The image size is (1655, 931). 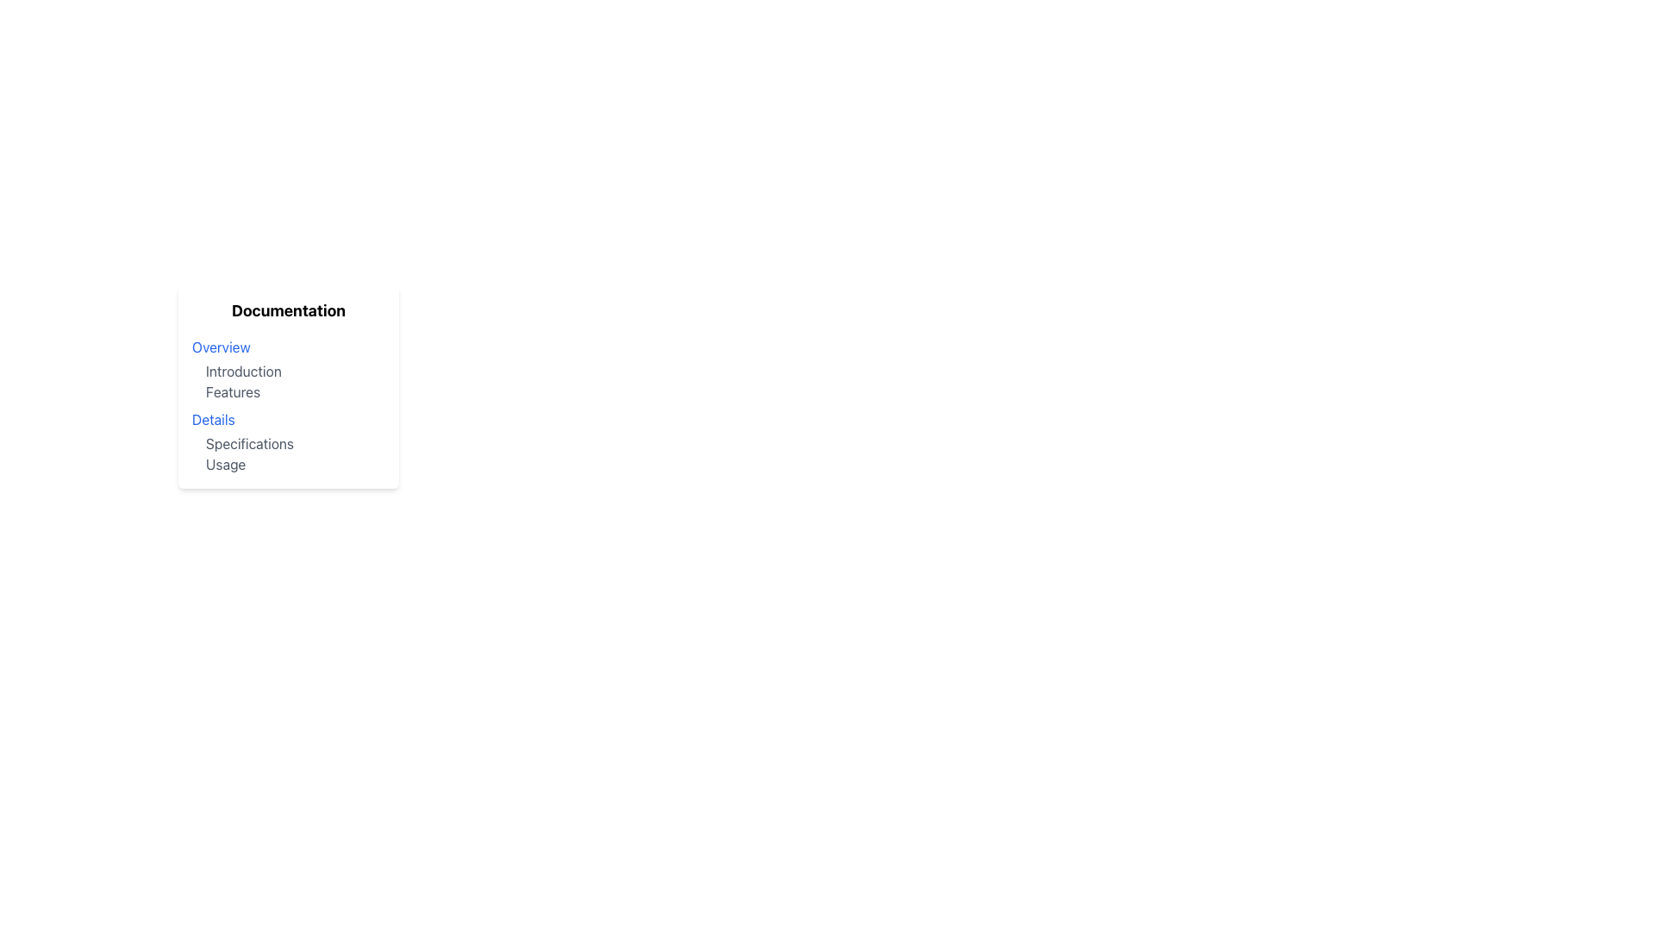 What do you see at coordinates (232, 392) in the screenshot?
I see `the hyperlink leading to the '#features' section of the document` at bounding box center [232, 392].